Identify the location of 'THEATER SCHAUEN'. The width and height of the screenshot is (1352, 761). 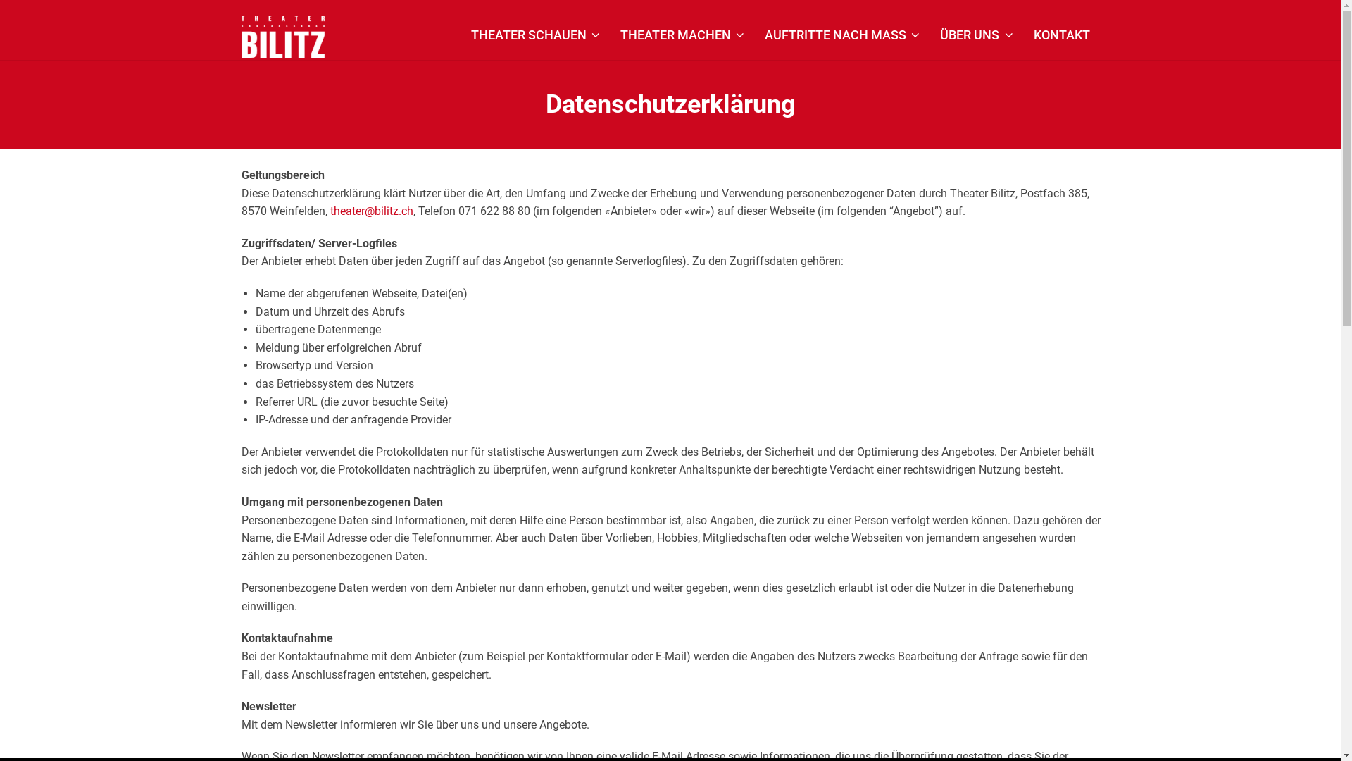
(535, 35).